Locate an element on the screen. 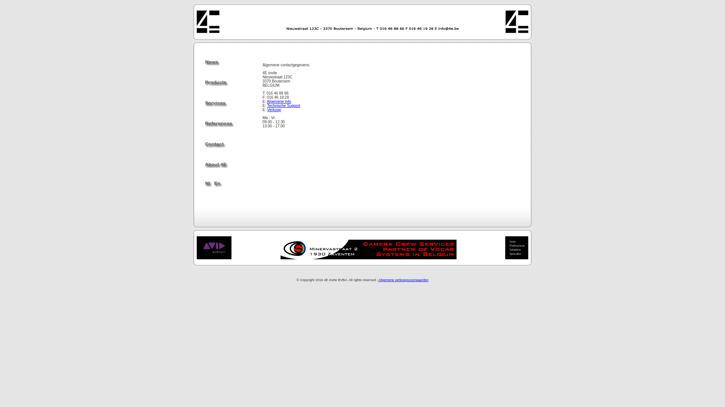 The image size is (725, 407). 'Algemene verkoopsvoorwaarden' is located at coordinates (403, 280).